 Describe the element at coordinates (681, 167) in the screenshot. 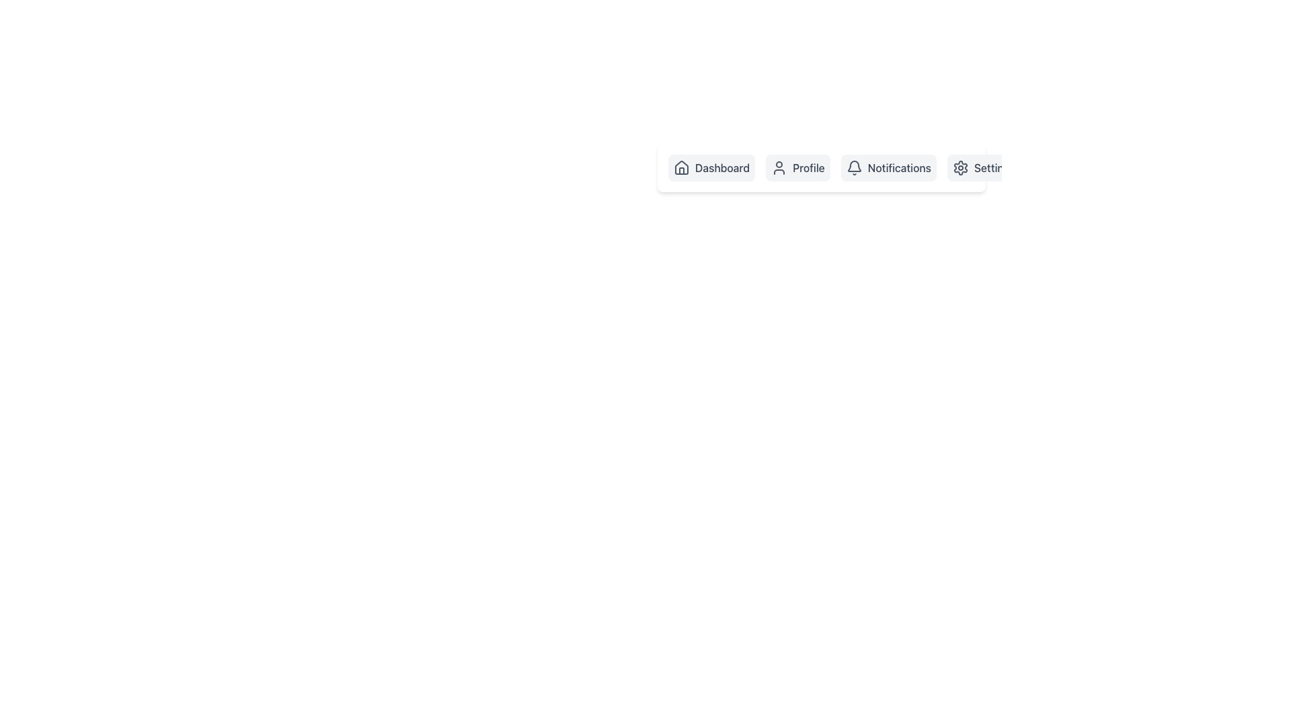

I see `the 'Dashboard' icon located at the far left of the navigation bar, which visually represents the 'Dashboard' section` at that location.